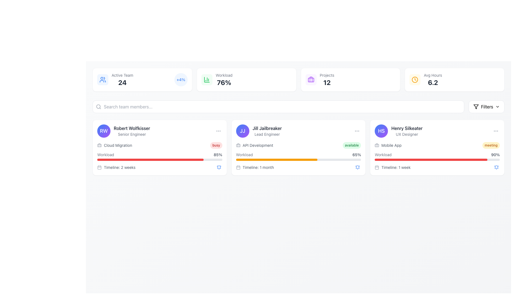 This screenshot has height=298, width=529. Describe the element at coordinates (496, 131) in the screenshot. I see `the ellipsis icon located in the top-right corner of the card labeled 'Henry Silkeater'` at that location.